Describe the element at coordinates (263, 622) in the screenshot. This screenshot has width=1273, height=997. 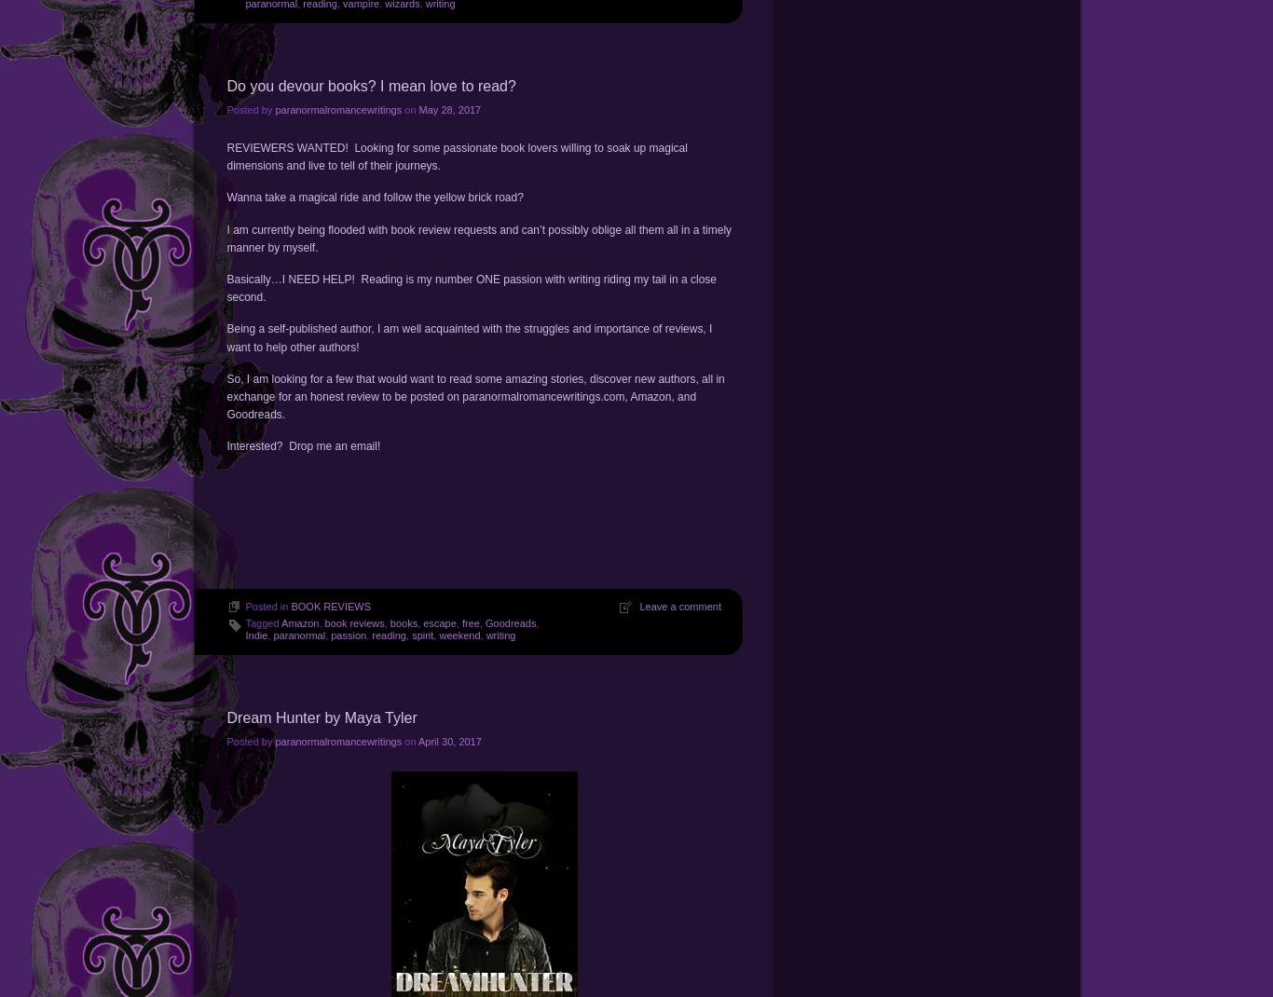
I see `'Tagged'` at that location.